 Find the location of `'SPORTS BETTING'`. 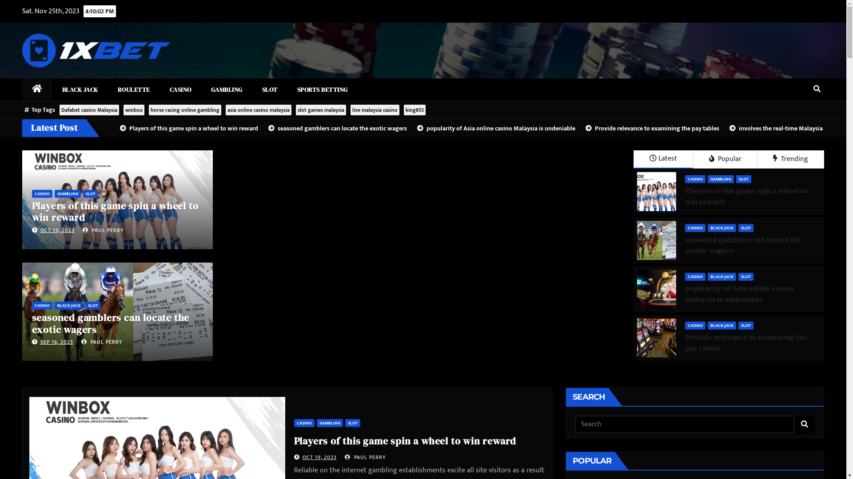

'SPORTS BETTING' is located at coordinates (321, 89).